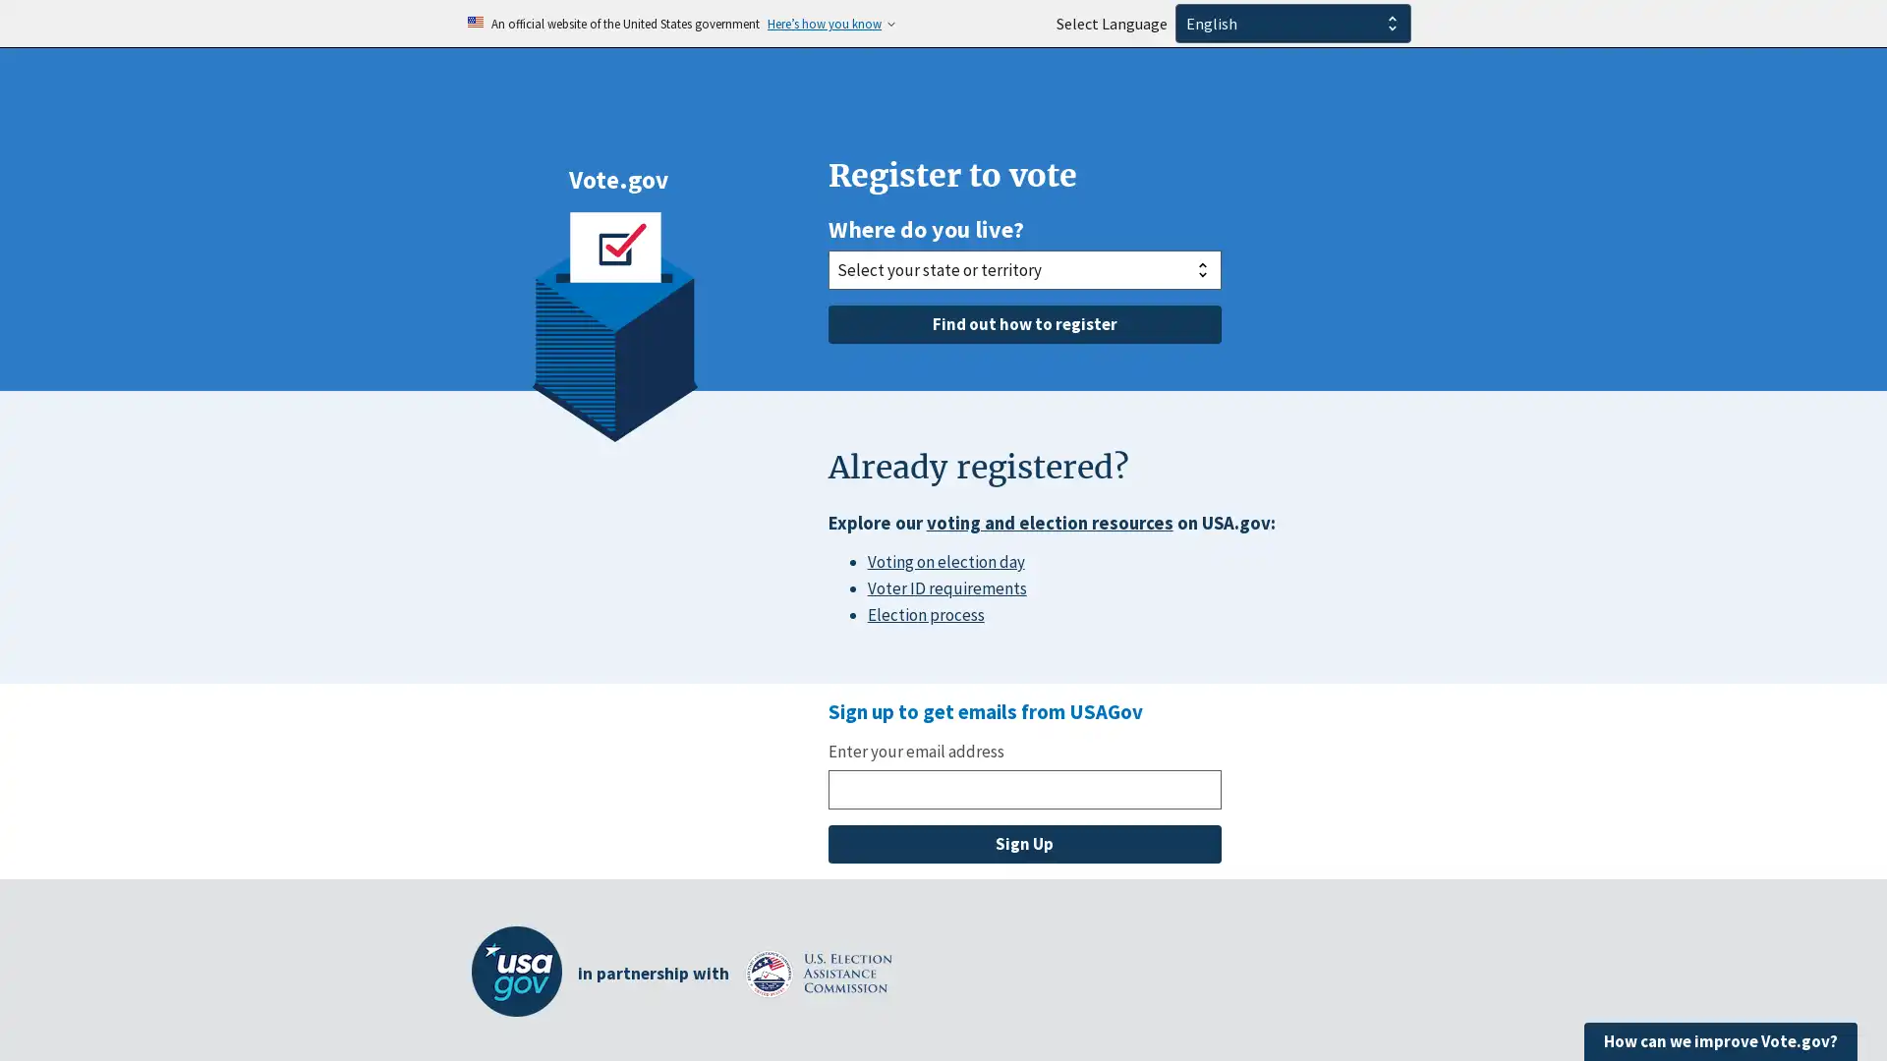  What do you see at coordinates (1022, 323) in the screenshot?
I see `Find out how to register` at bounding box center [1022, 323].